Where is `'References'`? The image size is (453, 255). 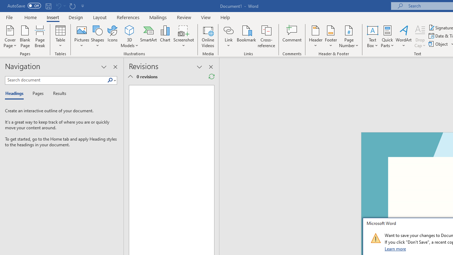 'References' is located at coordinates (128, 17).